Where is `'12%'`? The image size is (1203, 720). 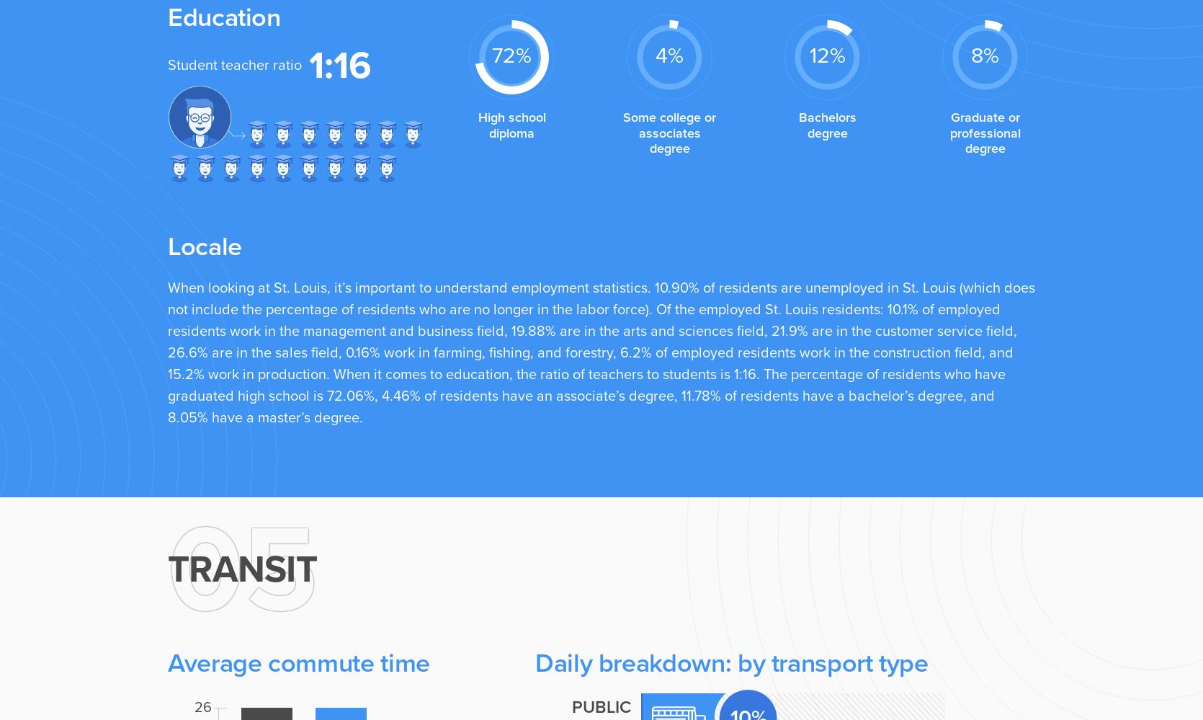
'12%' is located at coordinates (808, 54).